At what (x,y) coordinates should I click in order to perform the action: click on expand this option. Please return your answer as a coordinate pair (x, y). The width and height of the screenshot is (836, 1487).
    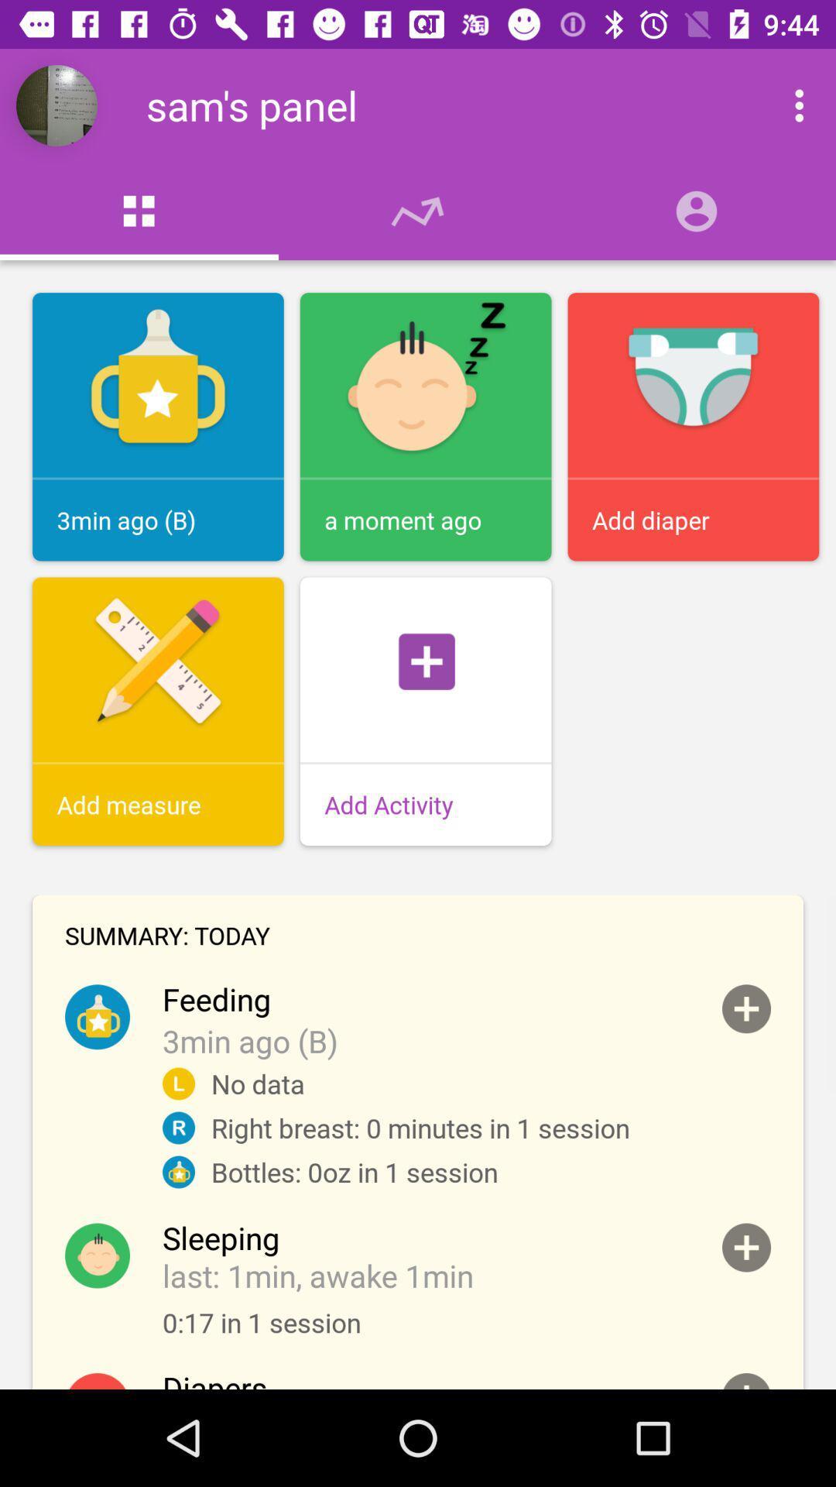
    Looking at the image, I should click on (745, 1008).